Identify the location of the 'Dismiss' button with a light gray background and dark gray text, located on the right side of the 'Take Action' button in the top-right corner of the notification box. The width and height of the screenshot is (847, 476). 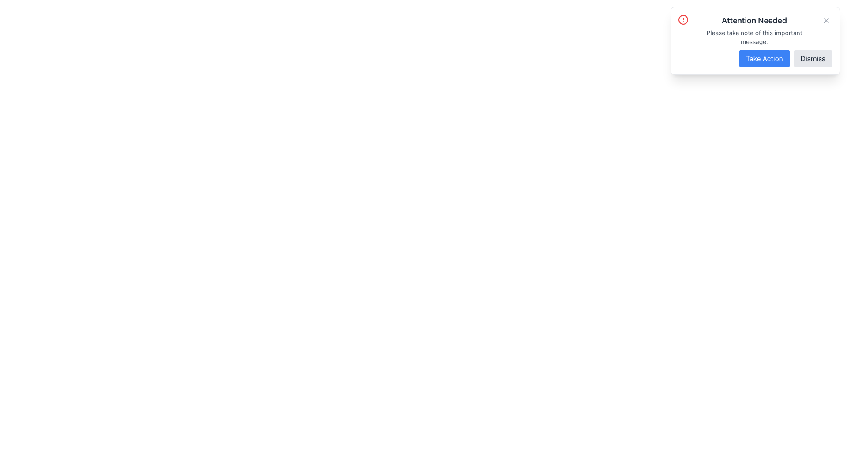
(812, 58).